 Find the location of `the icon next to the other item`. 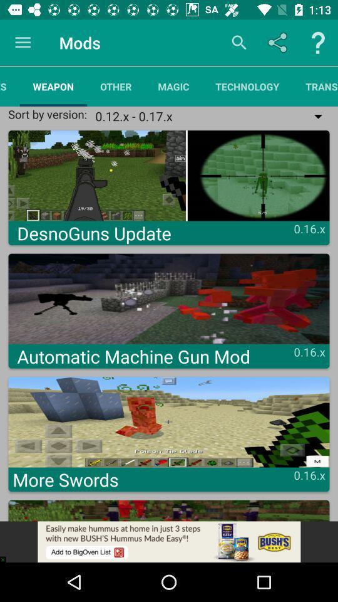

the icon next to the other item is located at coordinates (173, 86).